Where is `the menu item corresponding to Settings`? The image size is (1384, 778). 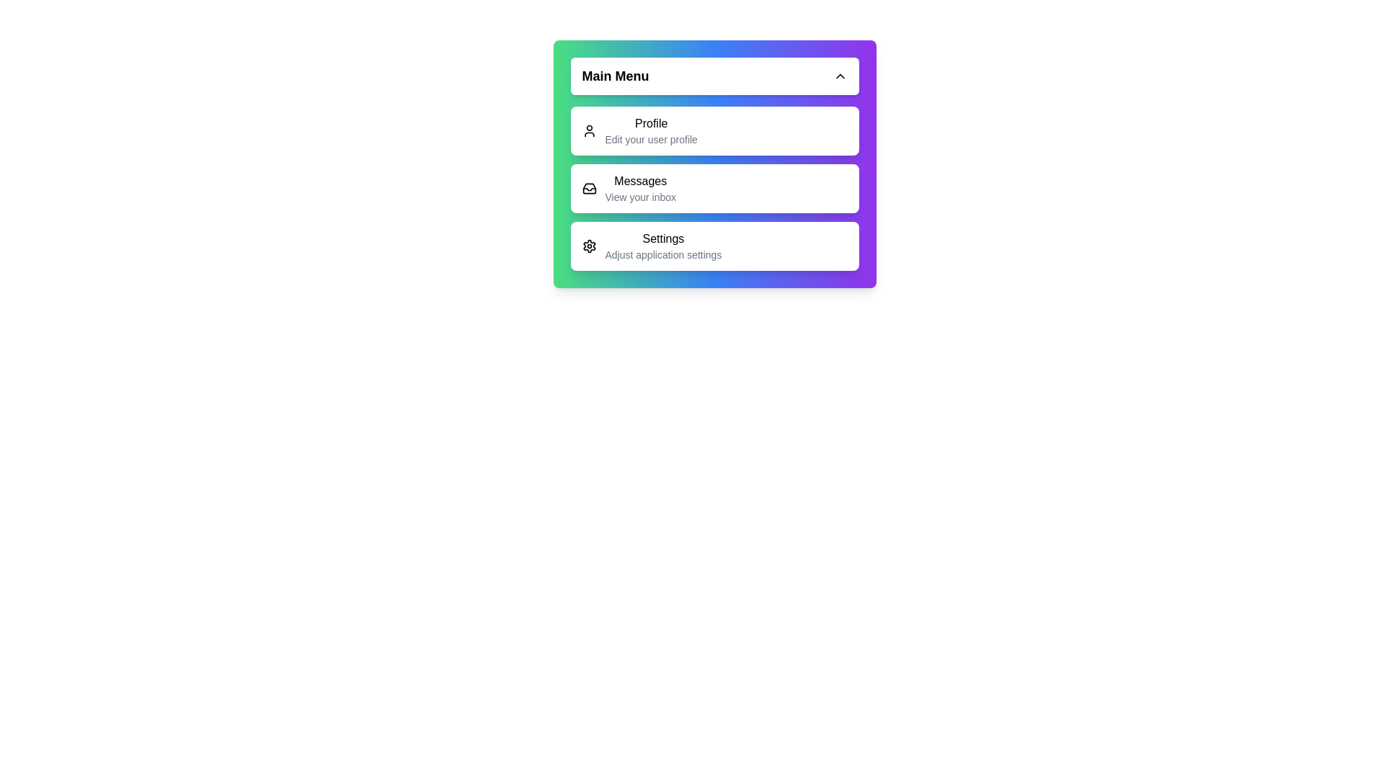
the menu item corresponding to Settings is located at coordinates (714, 246).